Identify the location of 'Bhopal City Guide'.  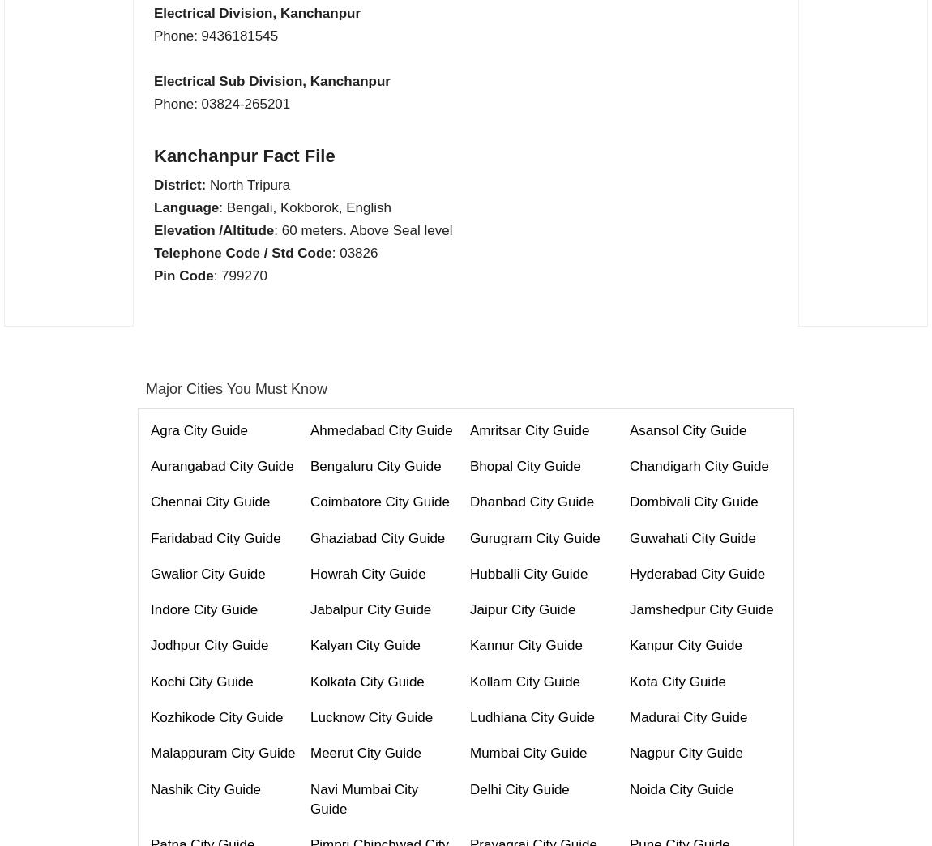
(524, 464).